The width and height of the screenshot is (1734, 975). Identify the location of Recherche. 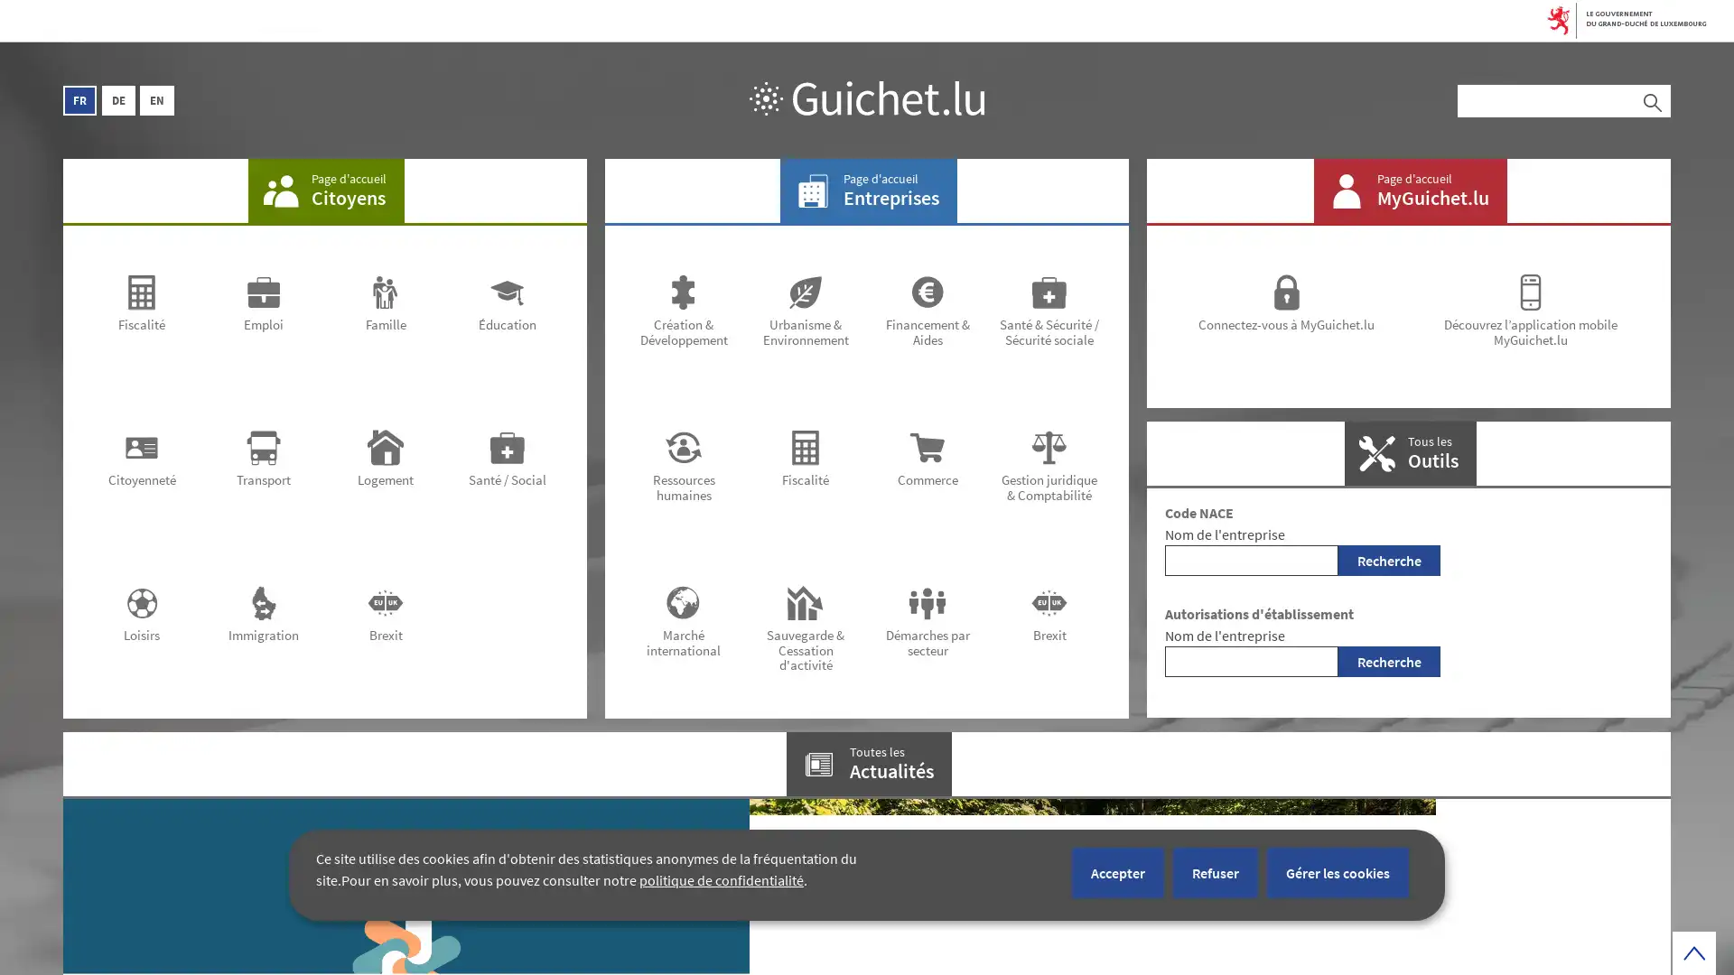
(1387, 560).